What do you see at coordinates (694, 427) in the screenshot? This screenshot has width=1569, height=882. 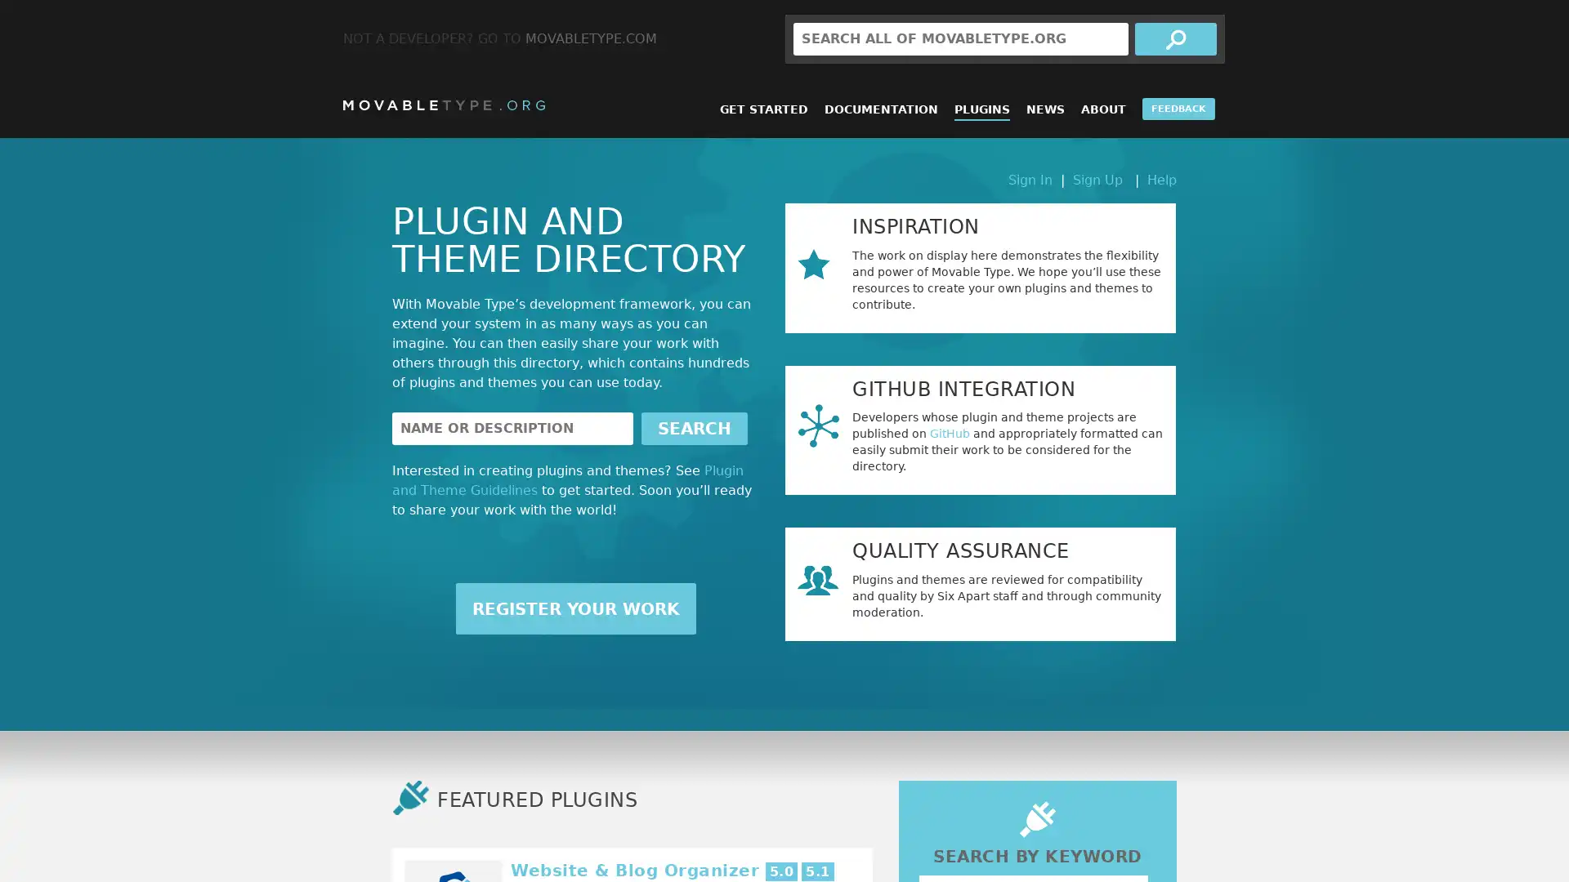 I see `Search` at bounding box center [694, 427].